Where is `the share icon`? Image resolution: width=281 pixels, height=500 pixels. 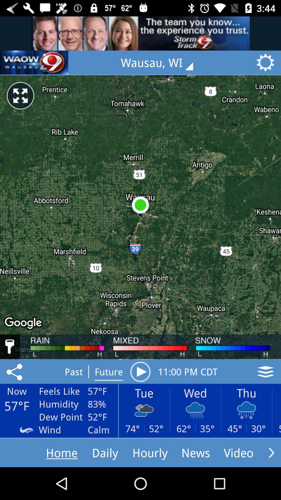
the share icon is located at coordinates (15, 371).